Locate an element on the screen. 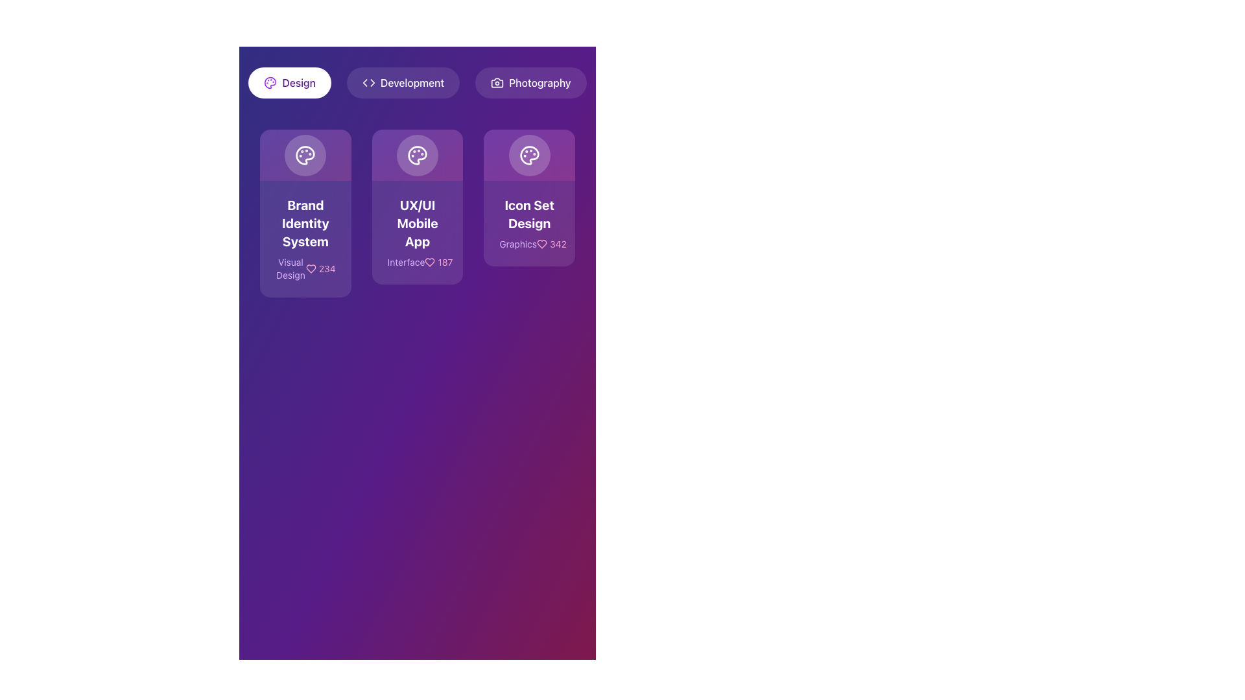 The height and width of the screenshot is (700, 1245). the circular button located in the top-left card of the grid, which is above the text 'Brand Identity System' is located at coordinates (305, 154).